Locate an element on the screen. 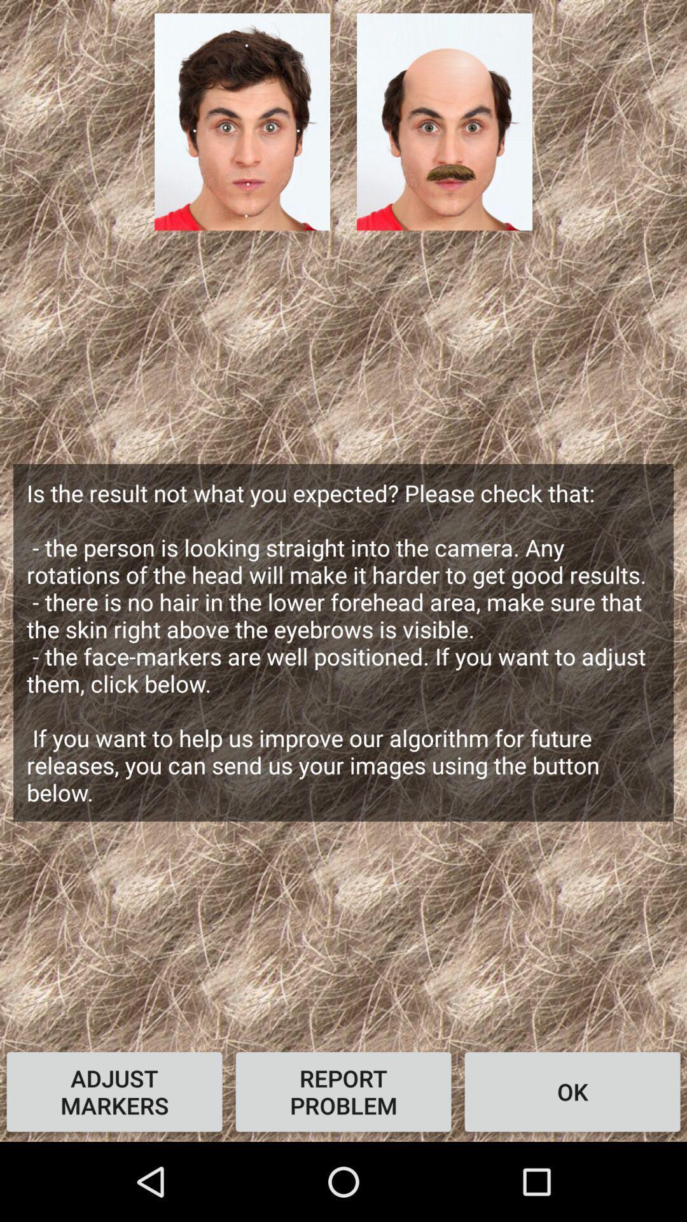  the icon at the bottom left corner is located at coordinates (114, 1091).